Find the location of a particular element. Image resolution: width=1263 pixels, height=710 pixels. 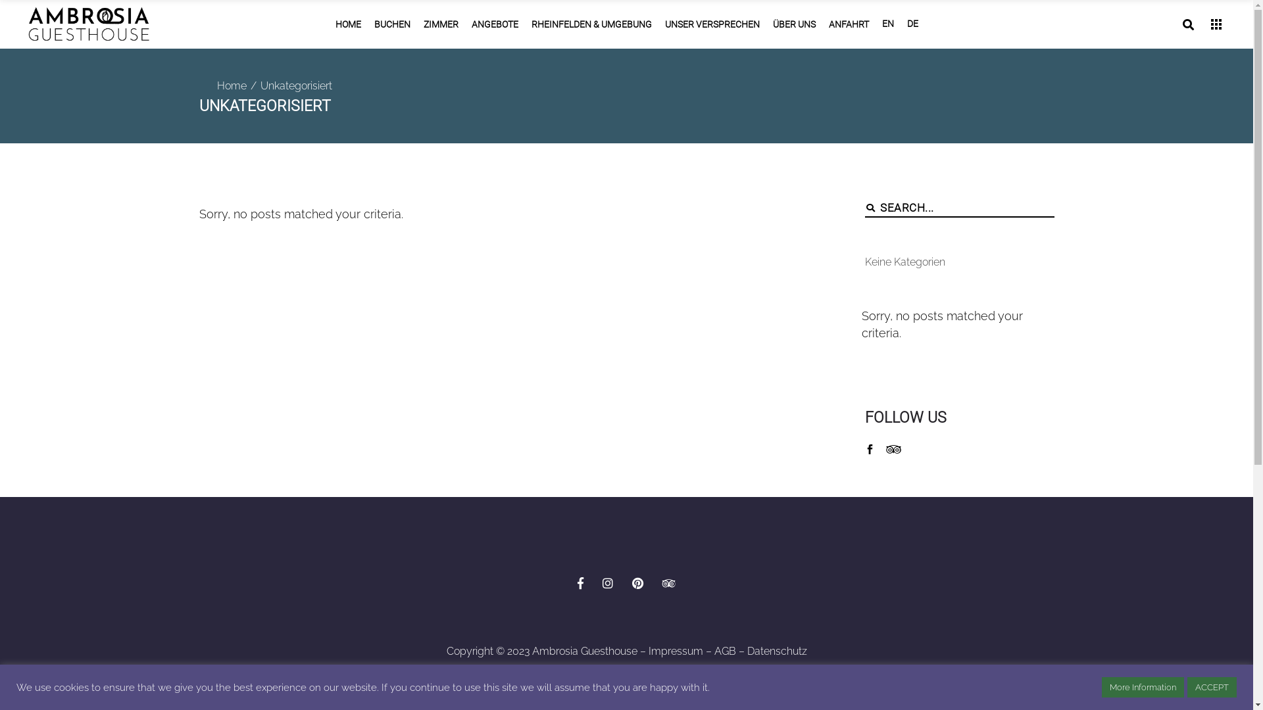

'ANGEBOTE' is located at coordinates (493, 24).